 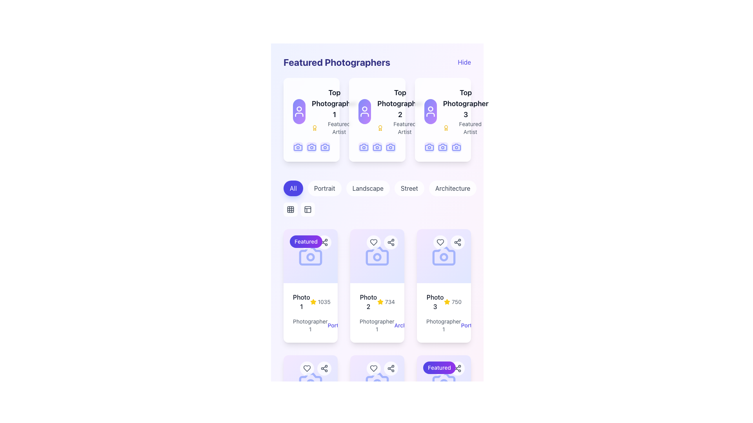 What do you see at coordinates (377, 147) in the screenshot?
I see `the second camera icon with a blue outline located in the top-central card of the 'Featured Photographers' section` at bounding box center [377, 147].